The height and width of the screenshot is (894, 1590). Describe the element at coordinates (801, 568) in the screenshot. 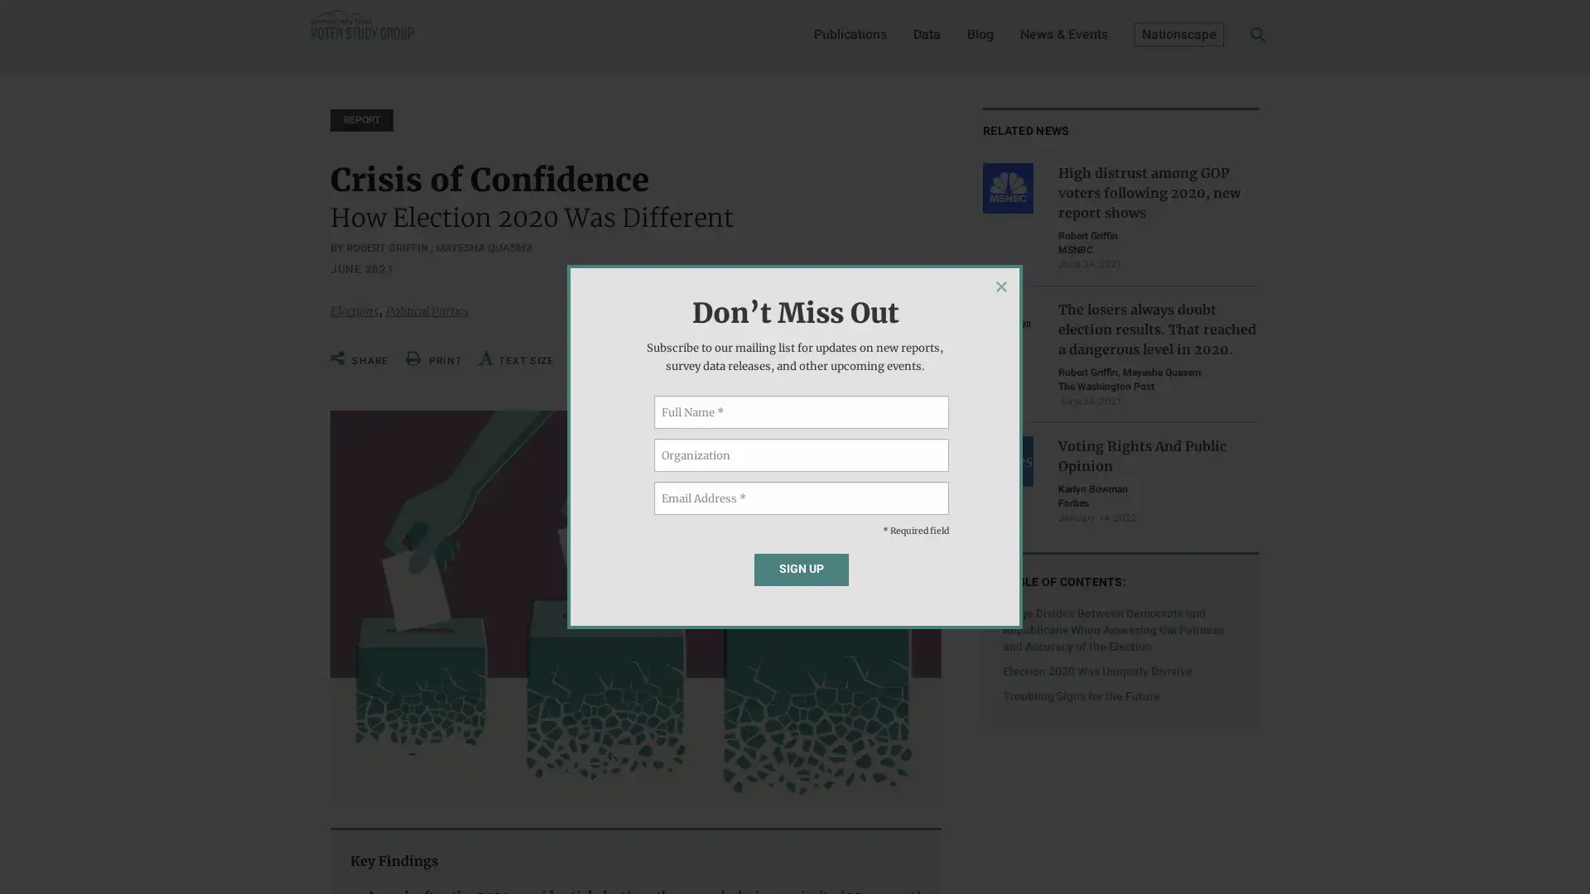

I see `SIGN UP` at that location.